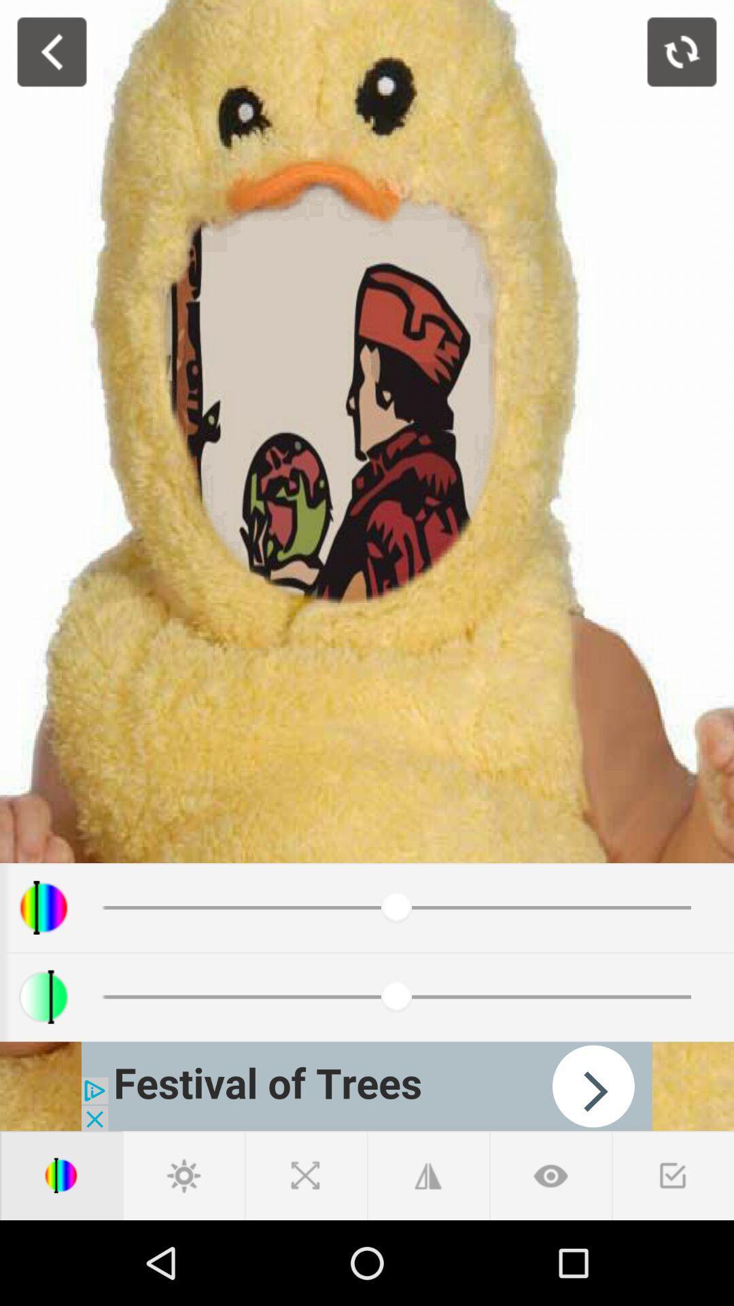  I want to click on close, so click(306, 1175).